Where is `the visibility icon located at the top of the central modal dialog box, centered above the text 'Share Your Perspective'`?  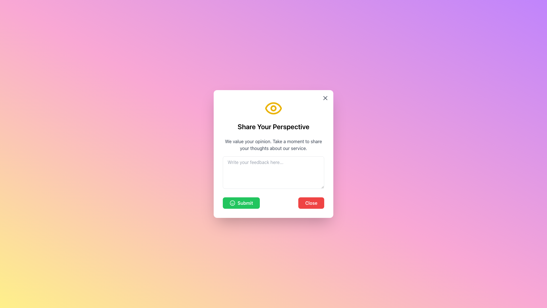
the visibility icon located at the top of the central modal dialog box, centered above the text 'Share Your Perspective' is located at coordinates (273, 108).